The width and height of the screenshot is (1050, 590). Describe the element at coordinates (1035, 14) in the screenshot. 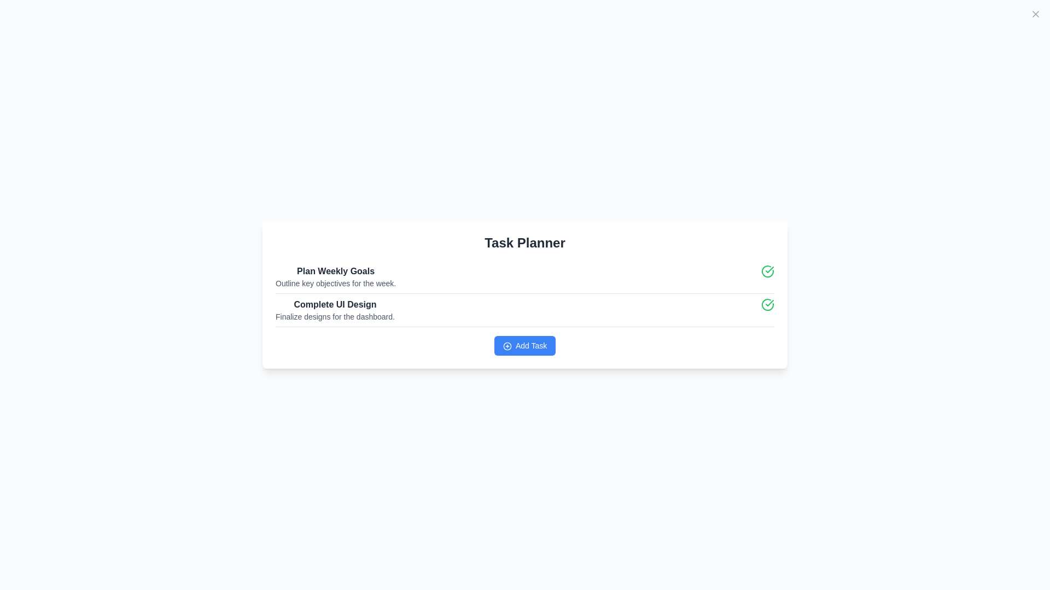

I see `the close button located at the top-right corner of the task planner modal to toggle its visibility` at that location.